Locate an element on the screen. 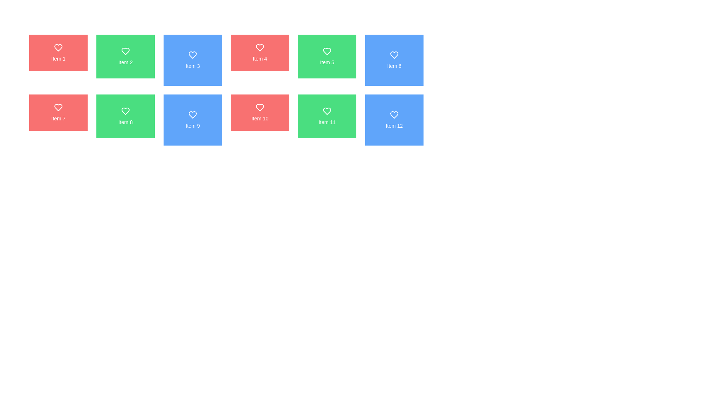 The height and width of the screenshot is (394, 701). the text label displaying 'Item 2', which is located within the second green rectangular box in the first row of a grid layout is located at coordinates (126, 62).